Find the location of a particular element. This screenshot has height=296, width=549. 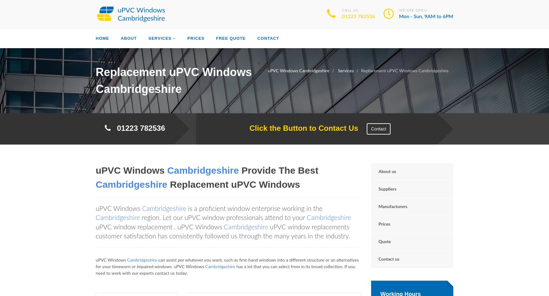

'Contact us' is located at coordinates (389, 259).